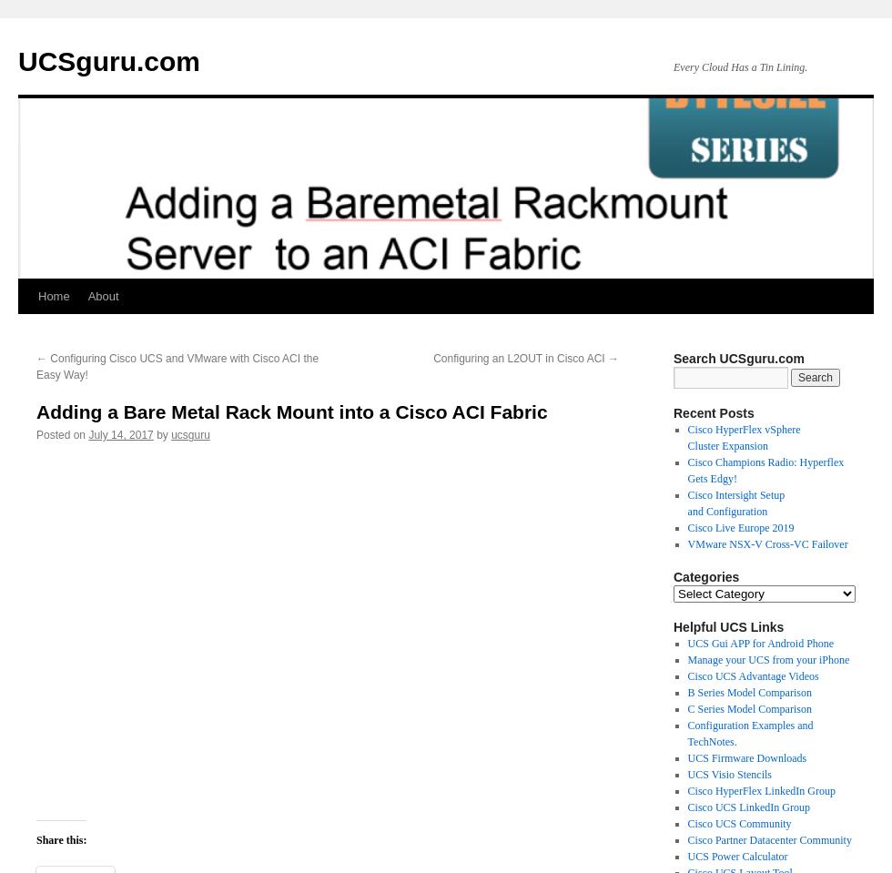  Describe the element at coordinates (686, 692) in the screenshot. I see `'B Series Model Comparison'` at that location.